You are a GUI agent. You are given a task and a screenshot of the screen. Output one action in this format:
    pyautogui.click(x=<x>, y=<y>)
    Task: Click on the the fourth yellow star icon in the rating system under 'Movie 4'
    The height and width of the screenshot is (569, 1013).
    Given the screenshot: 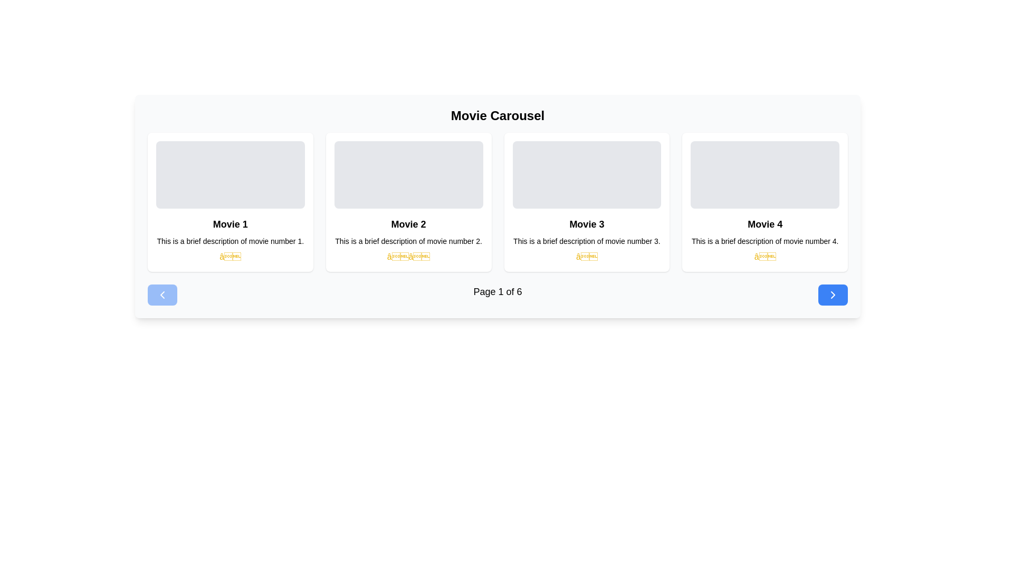 What is the action you would take?
    pyautogui.click(x=765, y=257)
    